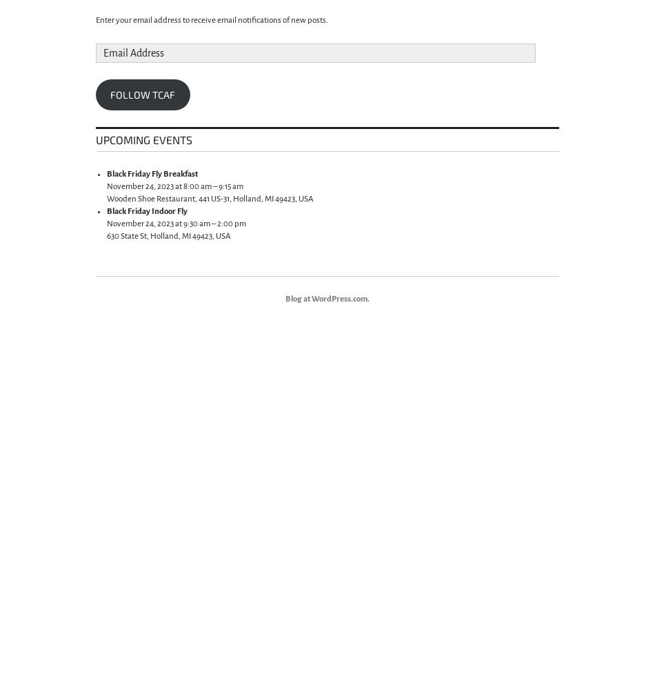  What do you see at coordinates (107, 223) in the screenshot?
I see `'November 24, 2023 at 9:30 am – 2:00 pm'` at bounding box center [107, 223].